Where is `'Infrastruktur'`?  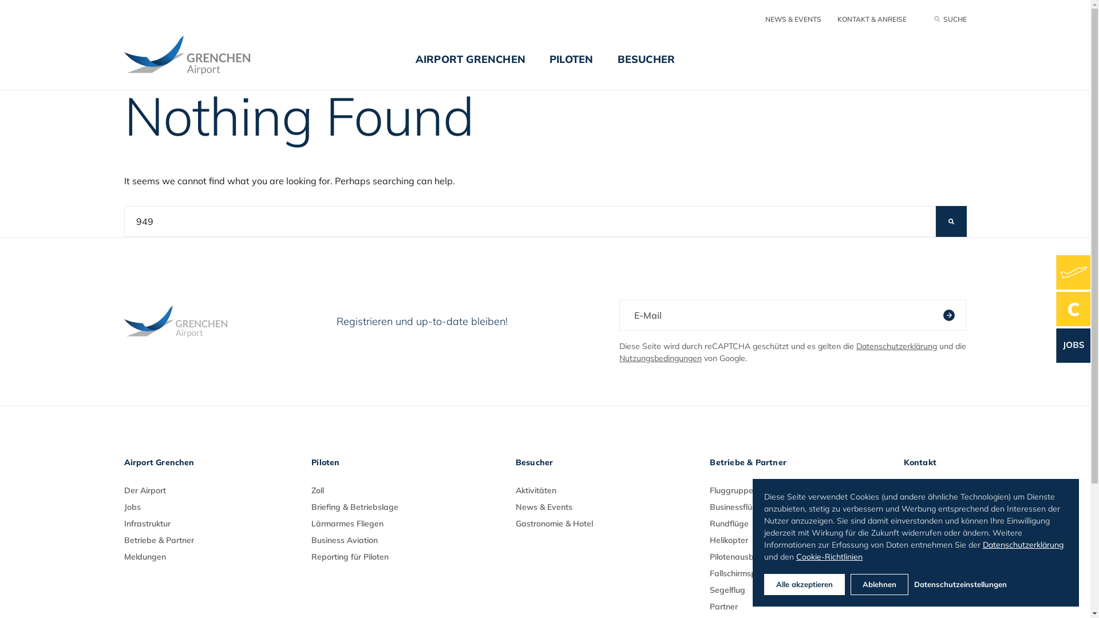 'Infrastruktur' is located at coordinates (146, 523).